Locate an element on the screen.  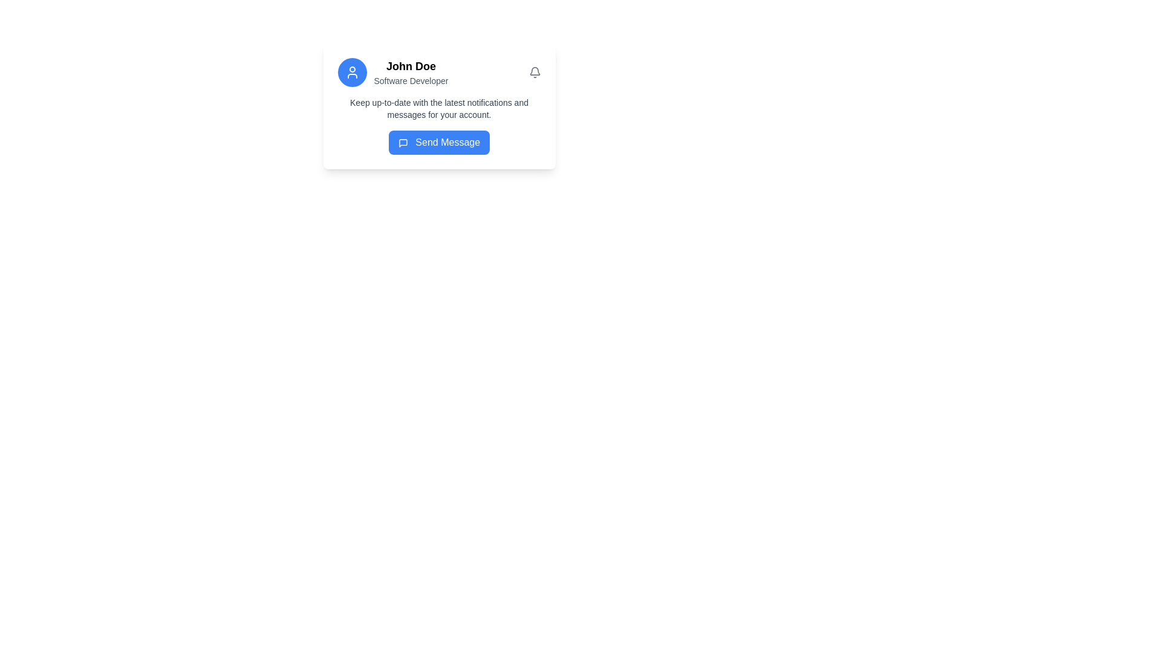
the blue 'Send Message' button area that contains the message speech bubble icon, located at the bottom center of the card interface is located at coordinates (403, 142).